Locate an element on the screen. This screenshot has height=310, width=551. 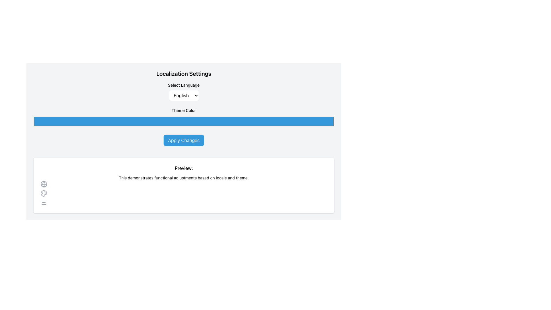
descriptive feedback text located immediately below the heading 'Preview:' in the central lower part of the interface is located at coordinates (184, 178).